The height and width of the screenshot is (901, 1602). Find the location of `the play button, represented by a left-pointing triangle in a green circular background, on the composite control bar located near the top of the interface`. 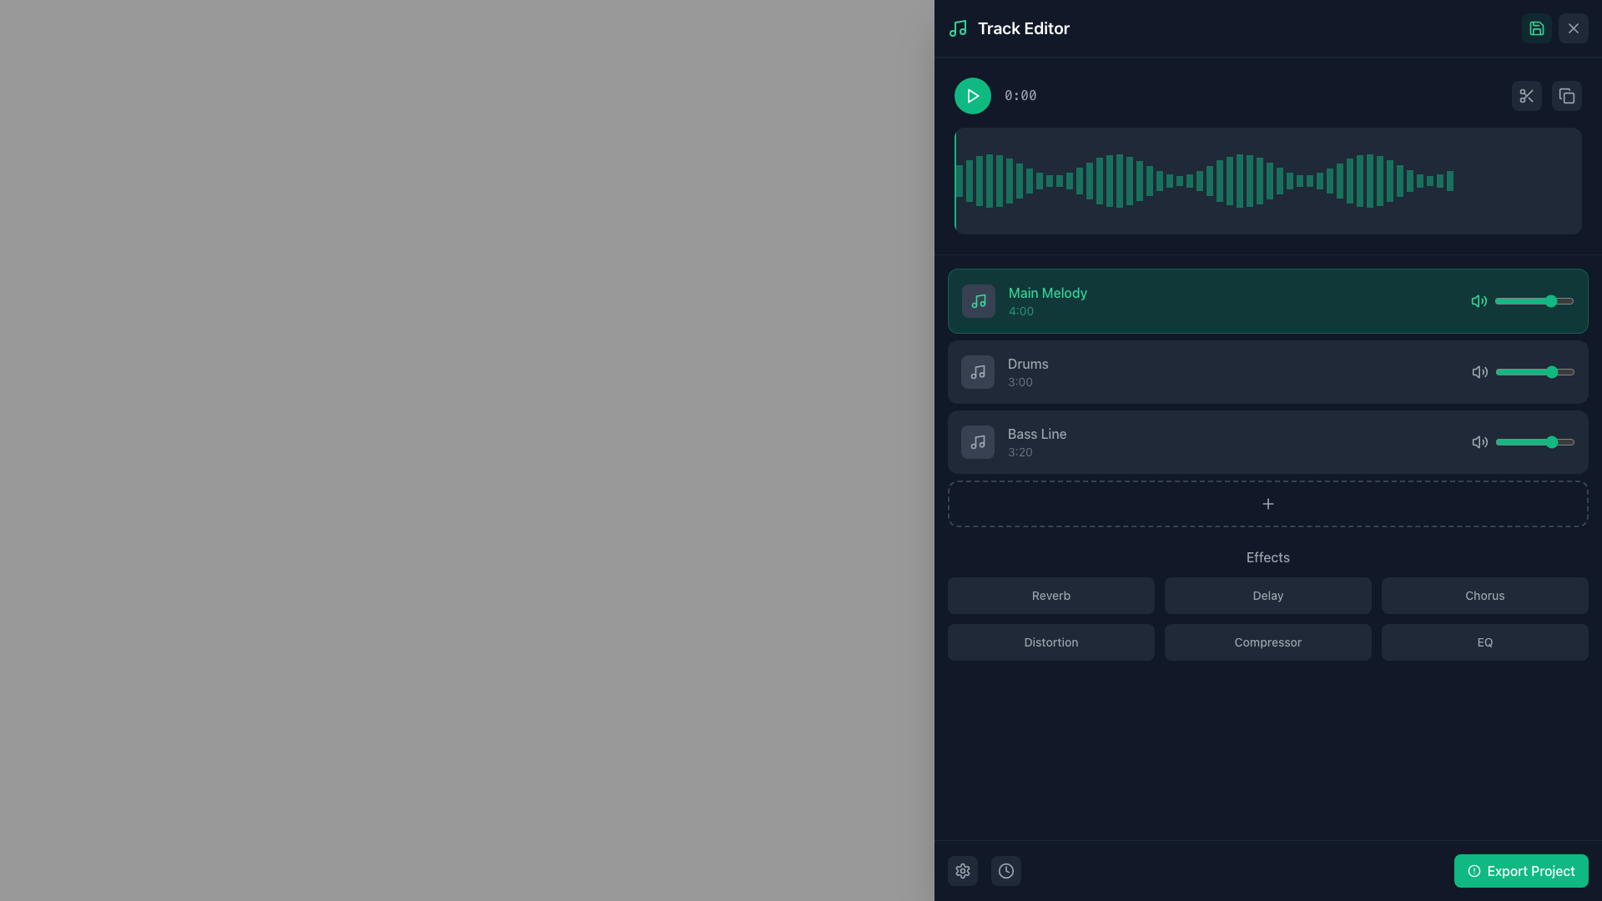

the play button, represented by a left-pointing triangle in a green circular background, on the composite control bar located near the top of the interface is located at coordinates (1268, 96).